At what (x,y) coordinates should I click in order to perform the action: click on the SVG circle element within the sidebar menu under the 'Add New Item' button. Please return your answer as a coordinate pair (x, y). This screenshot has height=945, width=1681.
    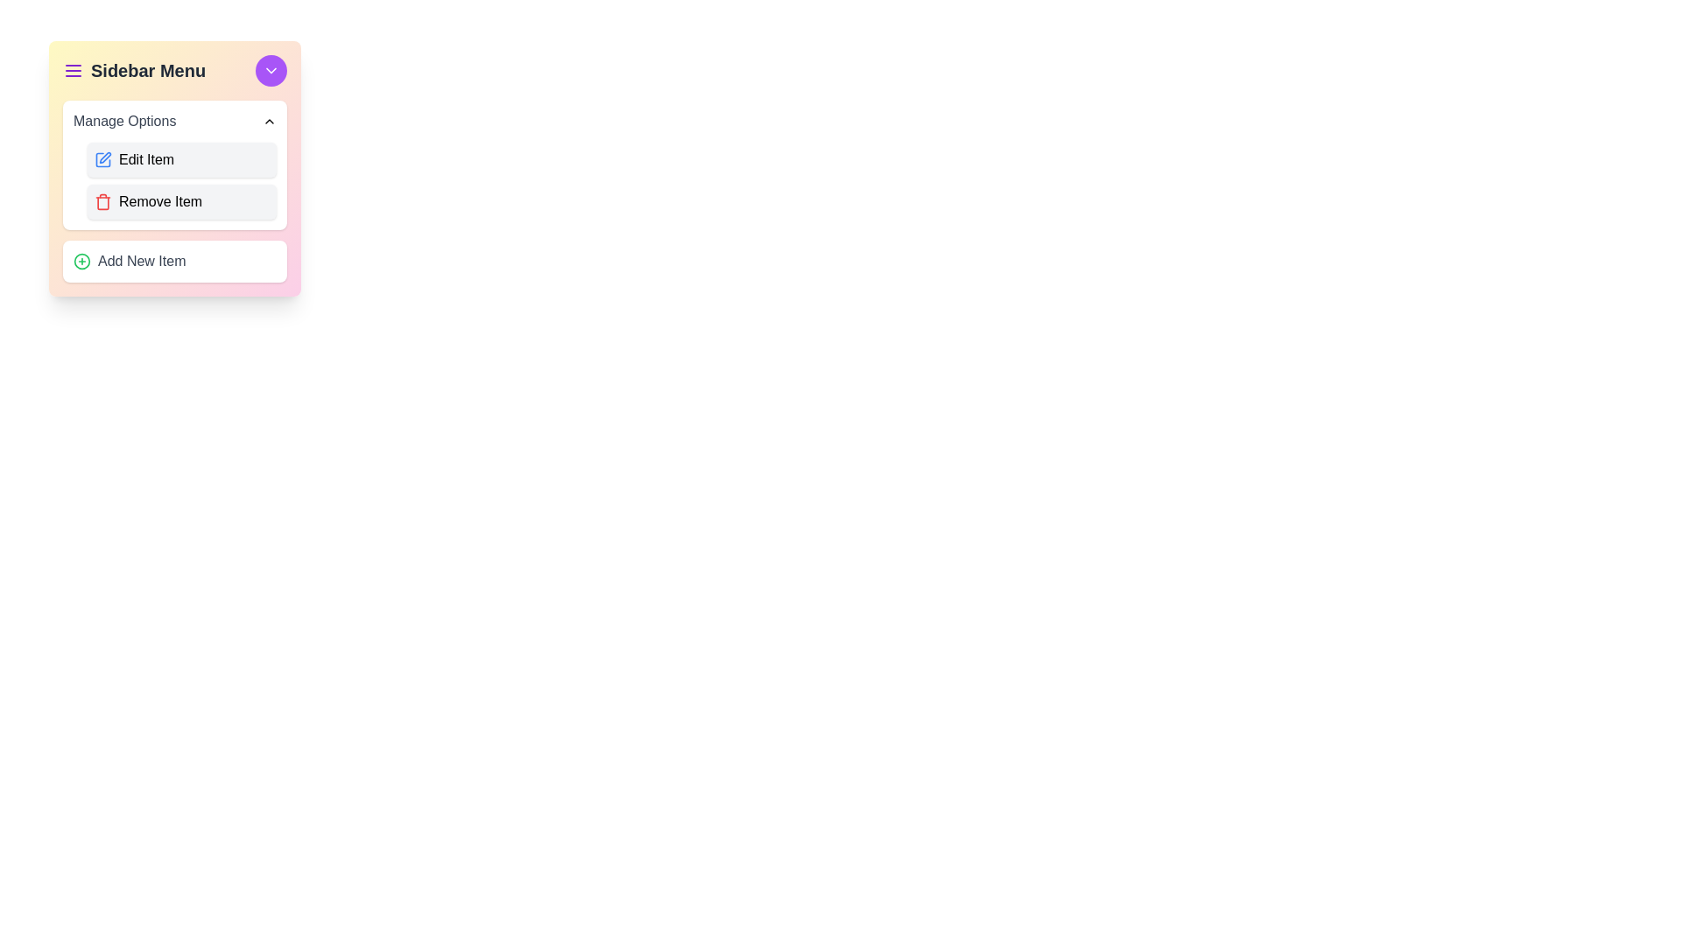
    Looking at the image, I should click on (81, 262).